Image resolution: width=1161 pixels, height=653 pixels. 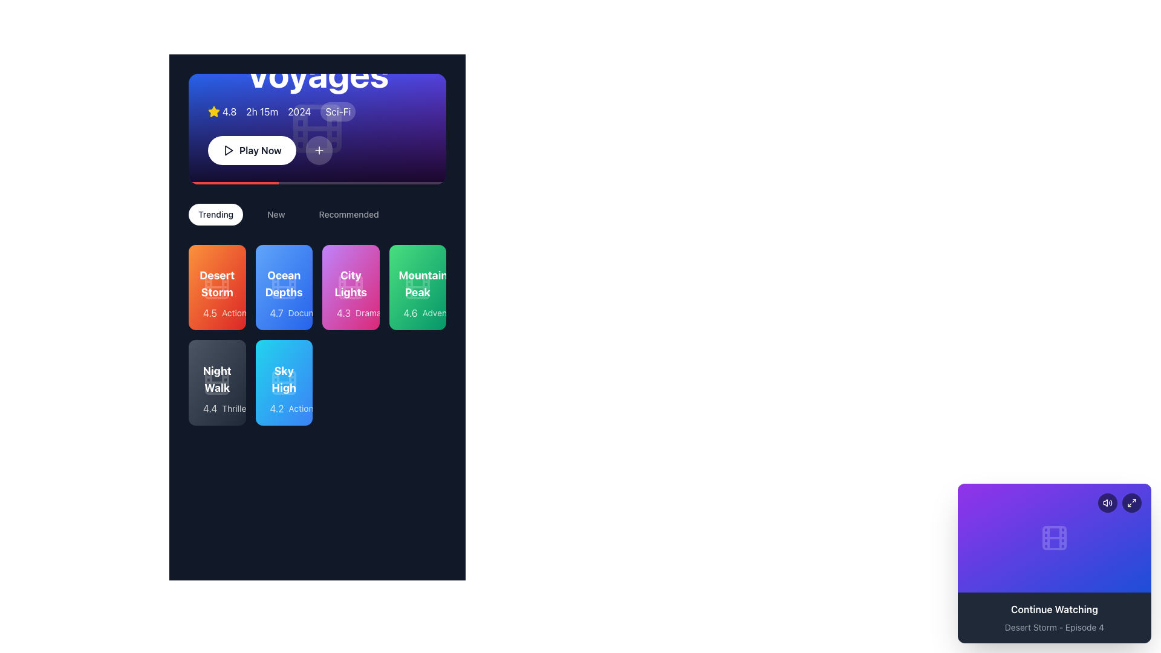 What do you see at coordinates (283, 284) in the screenshot?
I see `the text label that serves as the title of the card, located in the blue card which is the second card in the first row of the grid layout` at bounding box center [283, 284].